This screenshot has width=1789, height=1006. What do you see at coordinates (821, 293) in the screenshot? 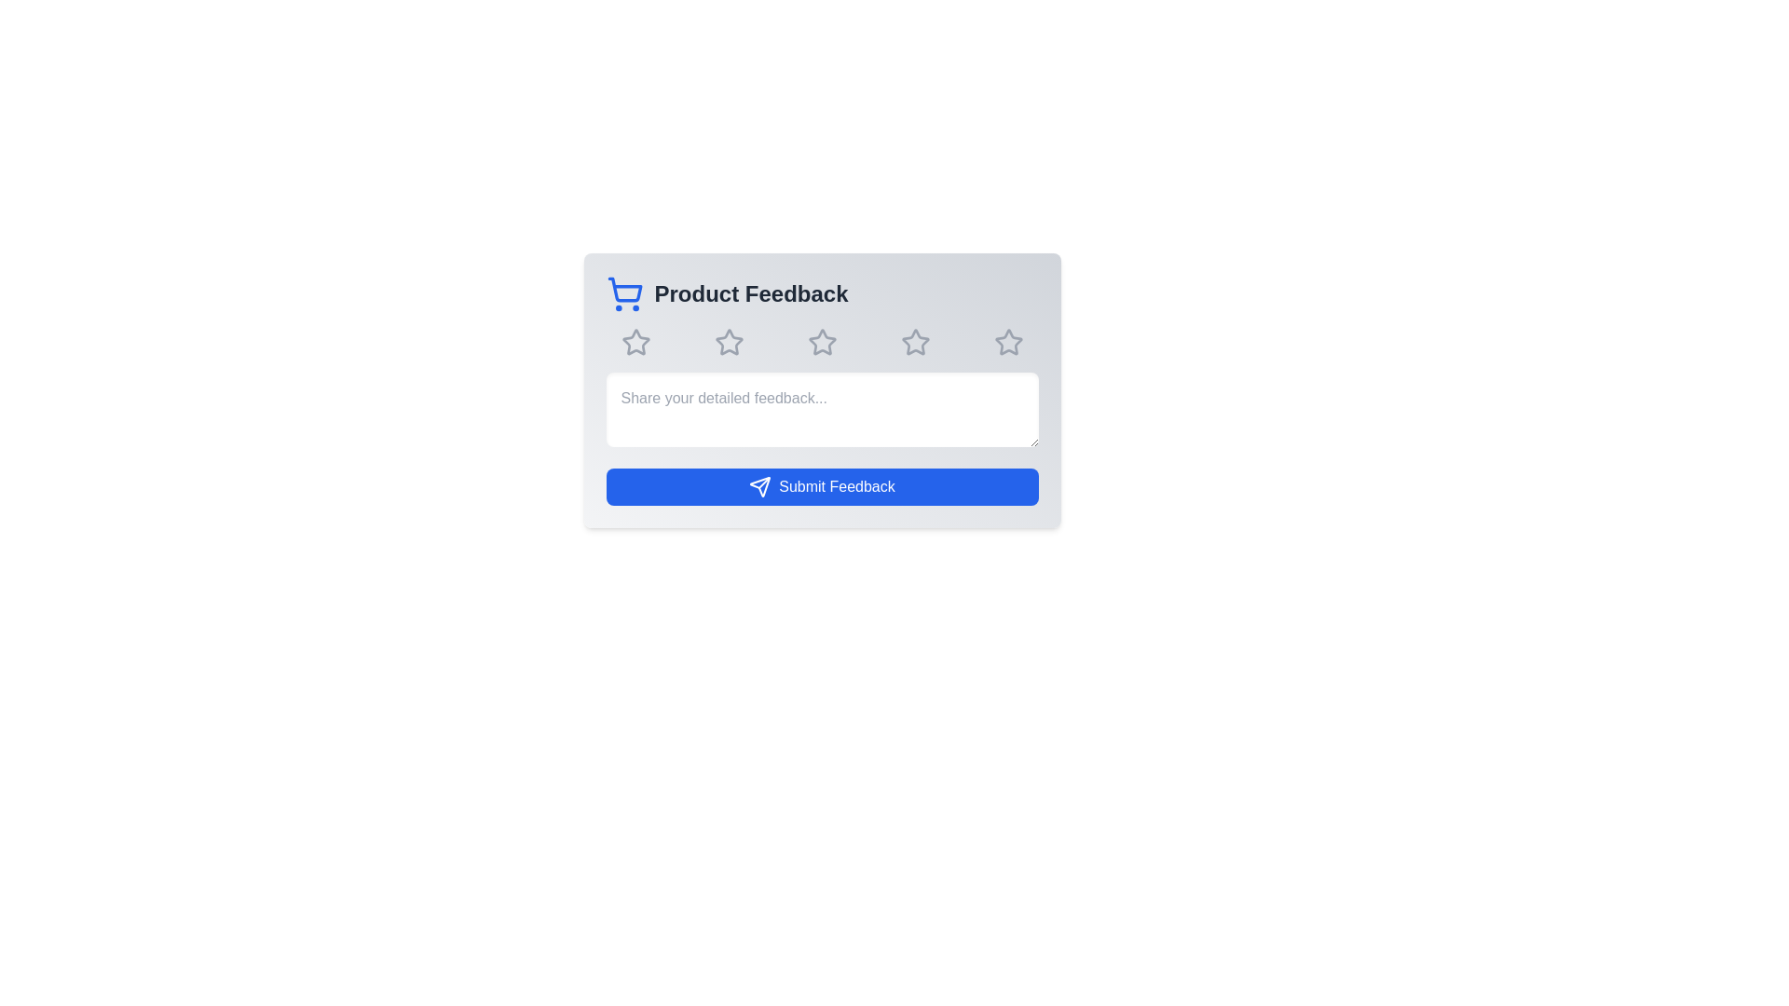
I see `the Header element that serves as a title indicating the purpose of the interface section, positioned above the star icons used for ratings` at bounding box center [821, 293].